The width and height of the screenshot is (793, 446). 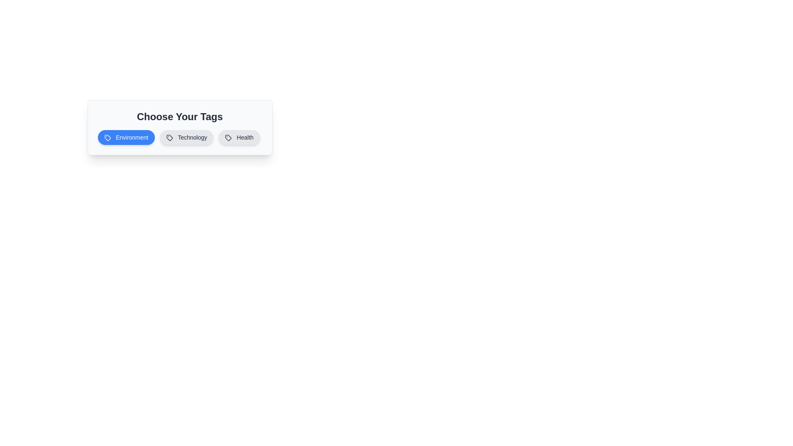 What do you see at coordinates (186, 137) in the screenshot?
I see `the tag labeled Technology` at bounding box center [186, 137].